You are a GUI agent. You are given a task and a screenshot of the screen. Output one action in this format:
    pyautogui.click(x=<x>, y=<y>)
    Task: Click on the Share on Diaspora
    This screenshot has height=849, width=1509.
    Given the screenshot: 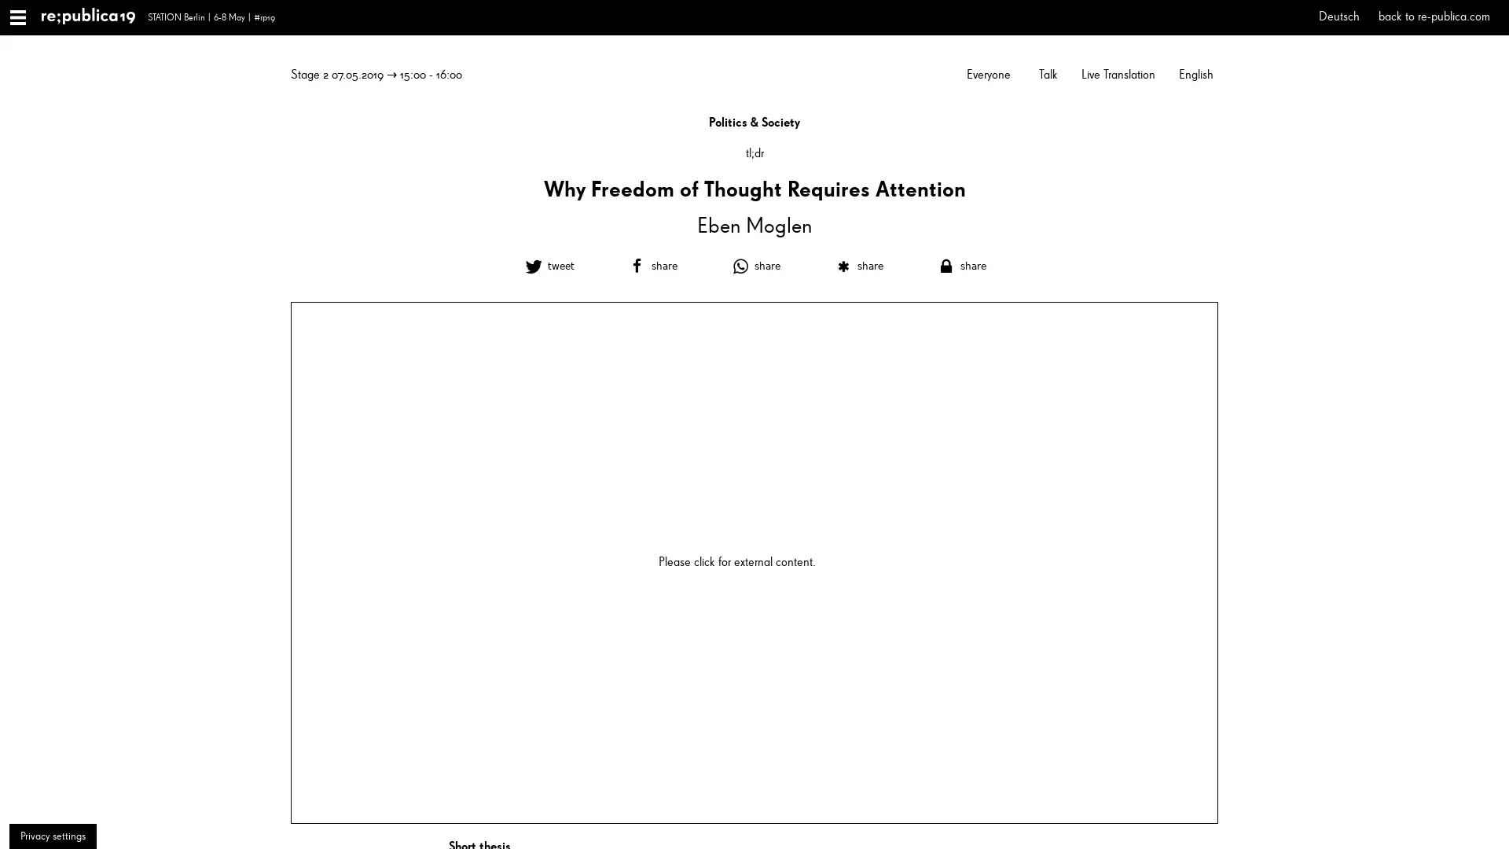 What is the action you would take?
    pyautogui.click(x=856, y=266)
    